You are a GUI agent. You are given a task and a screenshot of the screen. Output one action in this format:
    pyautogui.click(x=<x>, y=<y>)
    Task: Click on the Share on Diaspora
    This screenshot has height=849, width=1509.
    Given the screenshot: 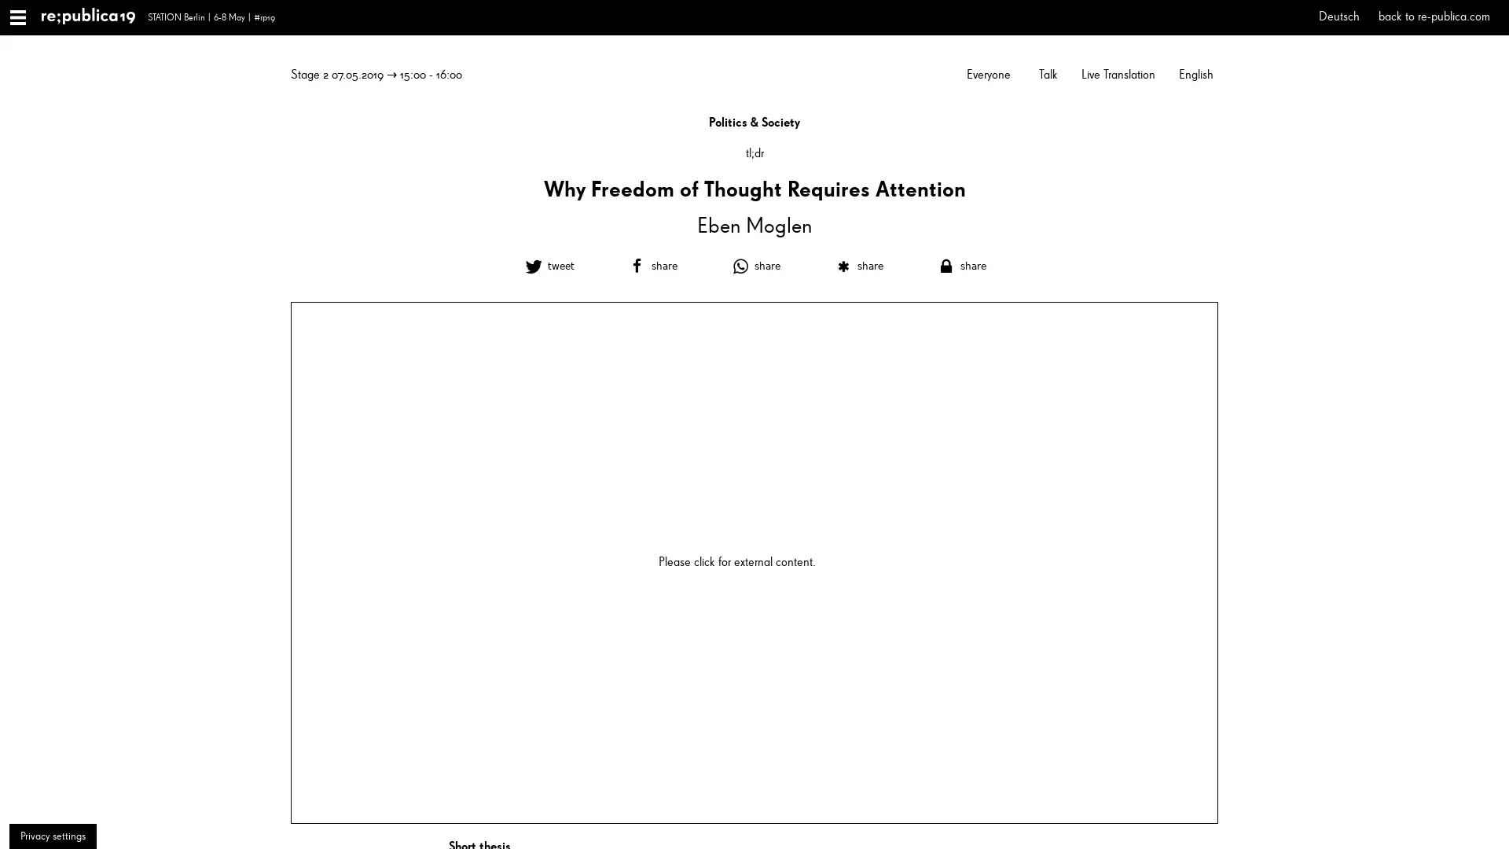 What is the action you would take?
    pyautogui.click(x=856, y=266)
    